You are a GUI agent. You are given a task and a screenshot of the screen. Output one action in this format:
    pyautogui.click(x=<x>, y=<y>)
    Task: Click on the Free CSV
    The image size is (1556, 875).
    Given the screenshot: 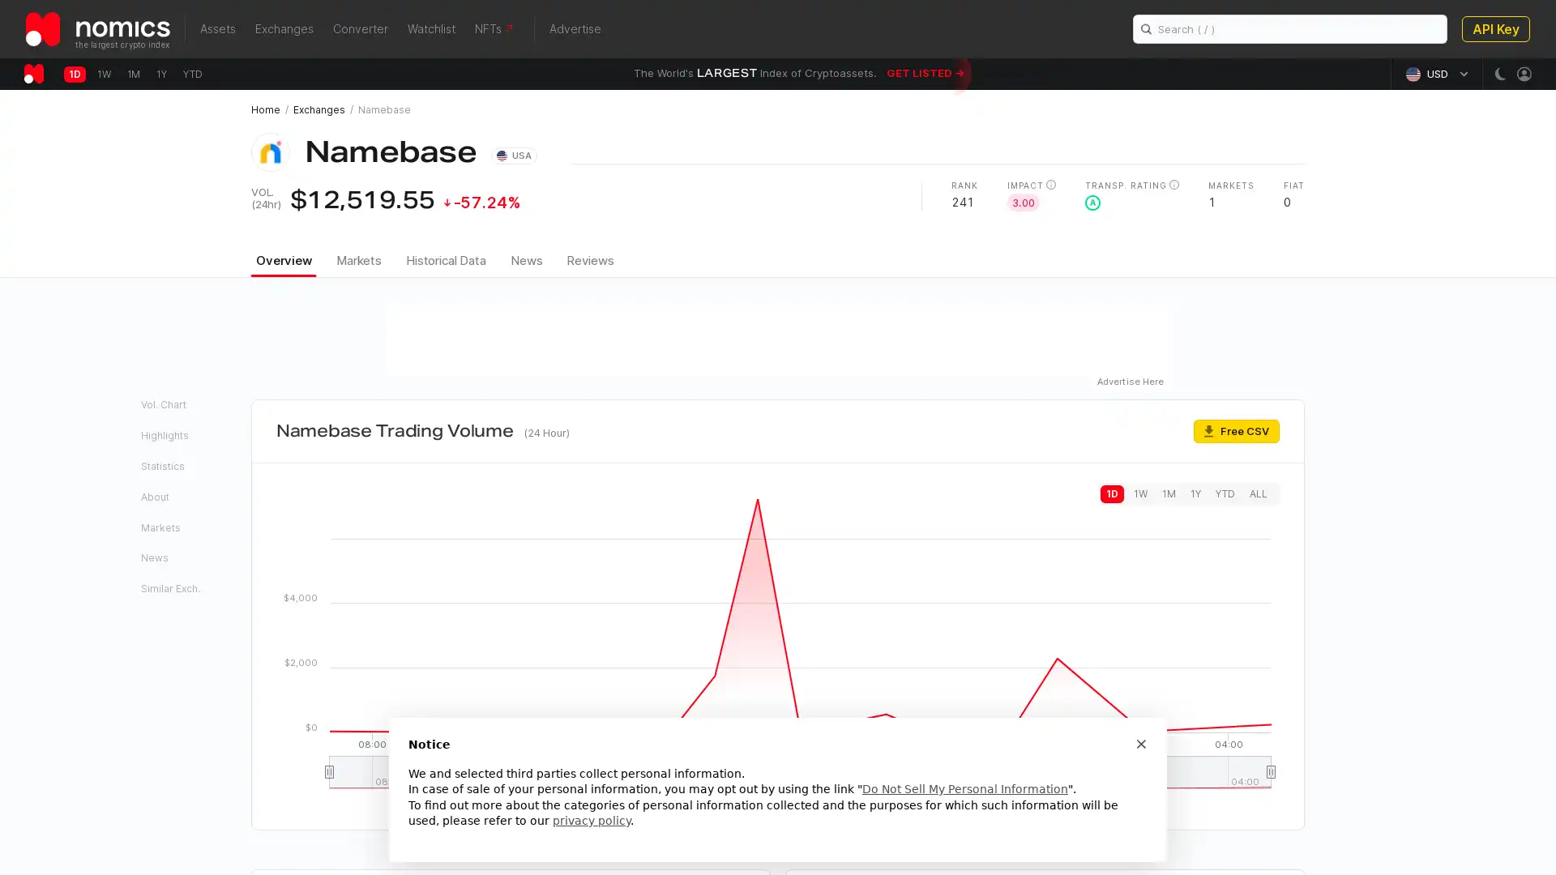 What is the action you would take?
    pyautogui.click(x=1236, y=429)
    